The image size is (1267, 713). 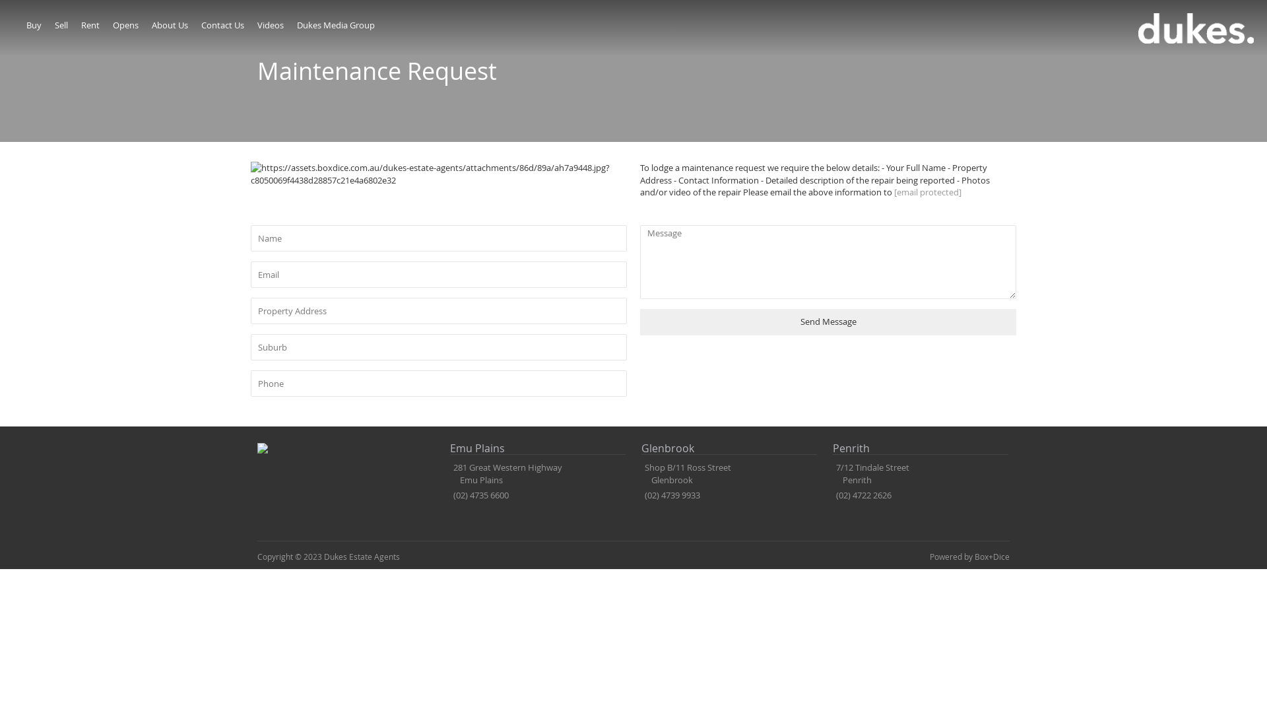 I want to click on 'Rent', so click(x=81, y=25).